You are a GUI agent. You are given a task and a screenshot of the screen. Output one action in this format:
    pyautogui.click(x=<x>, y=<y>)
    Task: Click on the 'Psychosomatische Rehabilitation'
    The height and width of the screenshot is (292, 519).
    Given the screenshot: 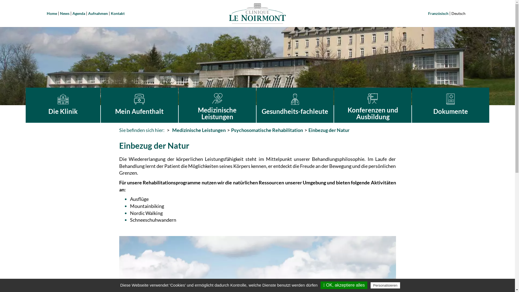 What is the action you would take?
    pyautogui.click(x=231, y=130)
    